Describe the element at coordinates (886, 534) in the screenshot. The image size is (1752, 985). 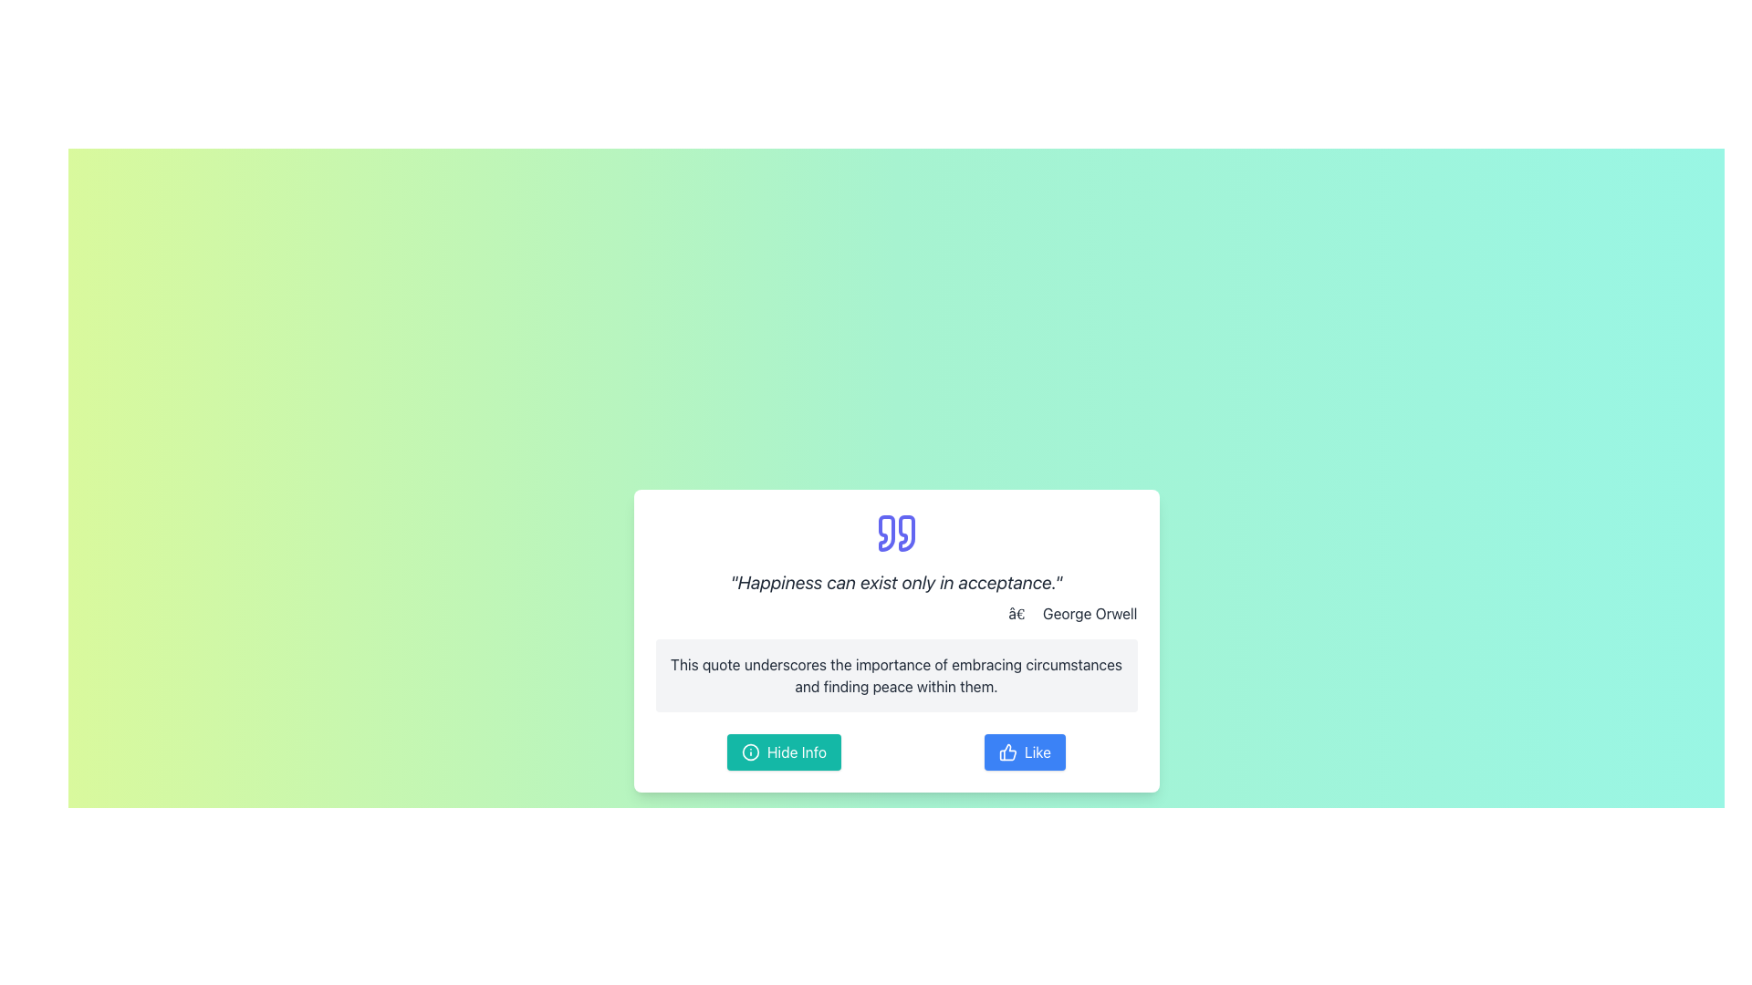
I see `the left quotation mark icon located at the top of the white content card, which indicates the beginning of a quoted statement or phrase` at that location.